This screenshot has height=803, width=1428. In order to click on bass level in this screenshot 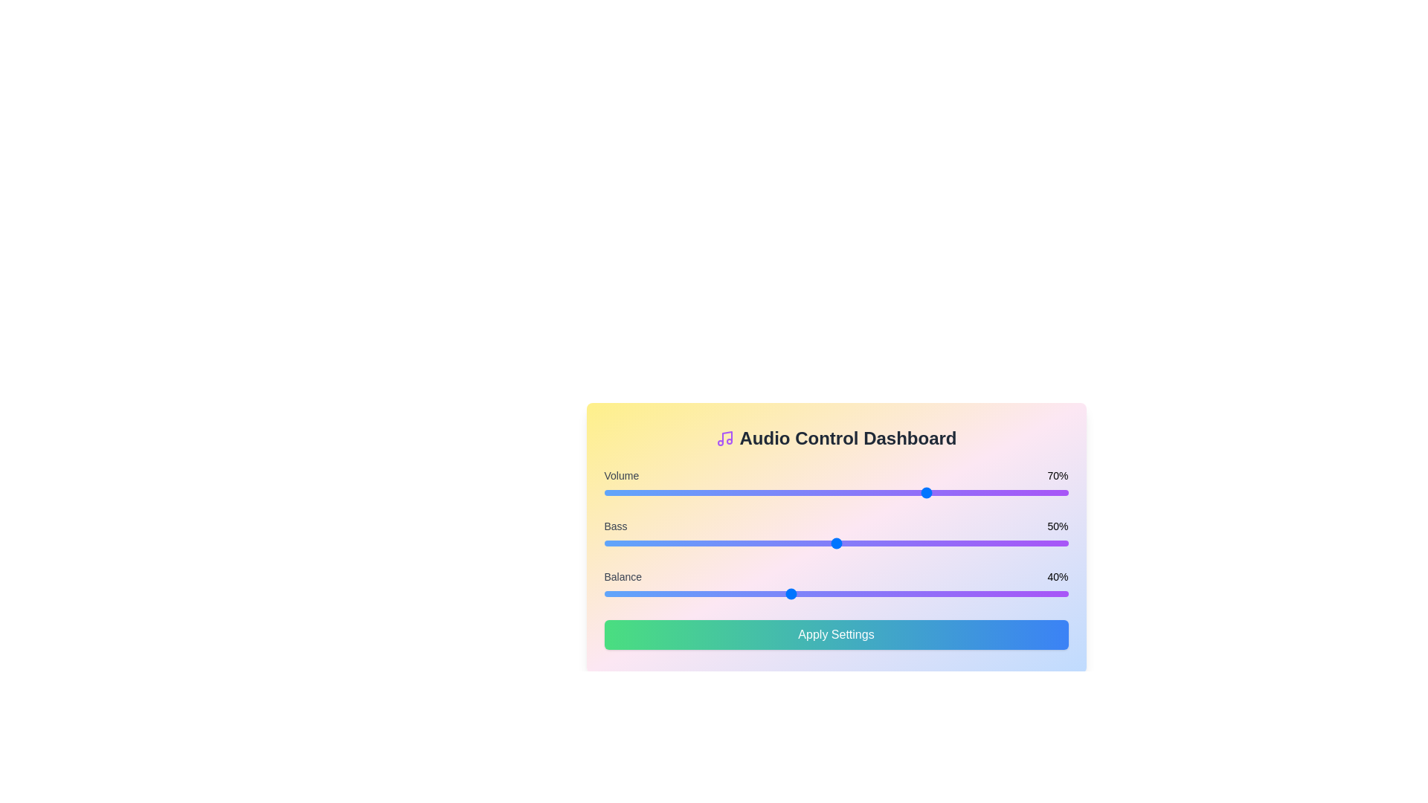, I will do `click(1049, 544)`.